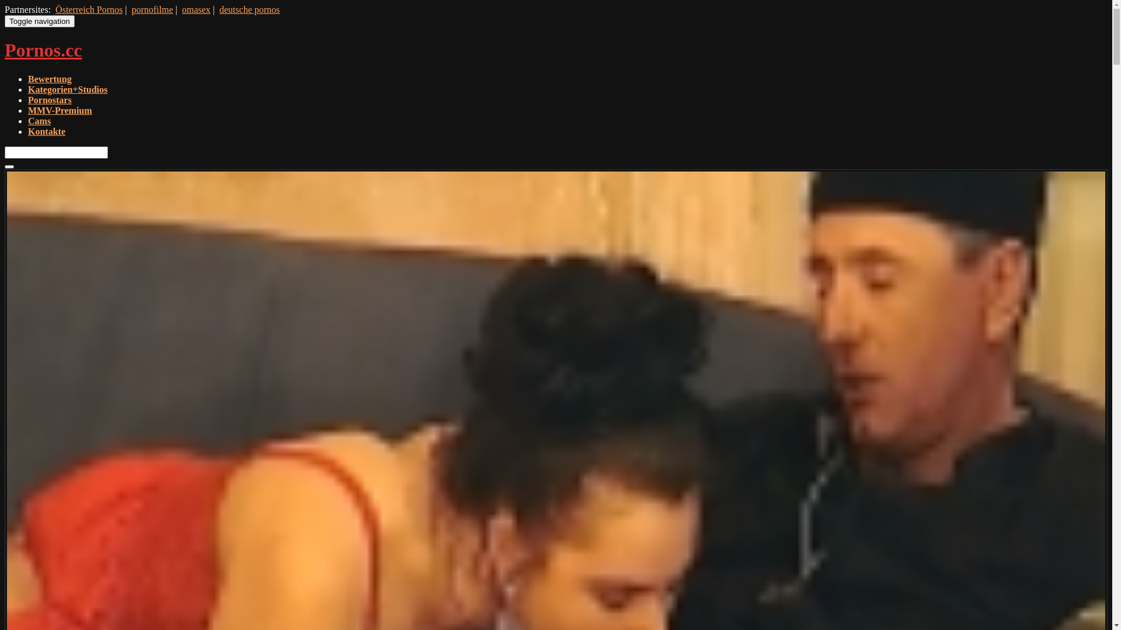 This screenshot has height=630, width=1121. What do you see at coordinates (39, 21) in the screenshot?
I see `'Toggle navigation'` at bounding box center [39, 21].